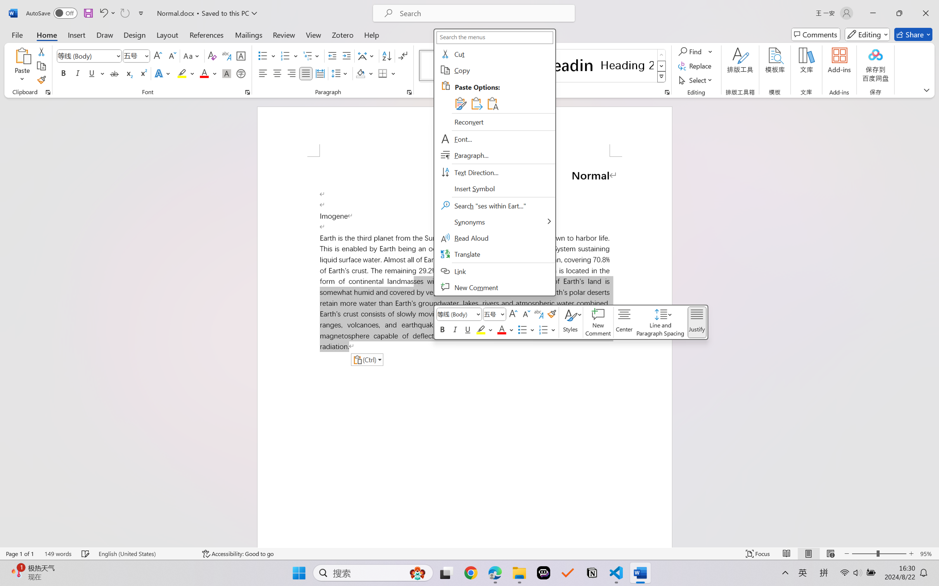 This screenshot has height=586, width=939. I want to click on 'Zoom 95%', so click(927, 553).